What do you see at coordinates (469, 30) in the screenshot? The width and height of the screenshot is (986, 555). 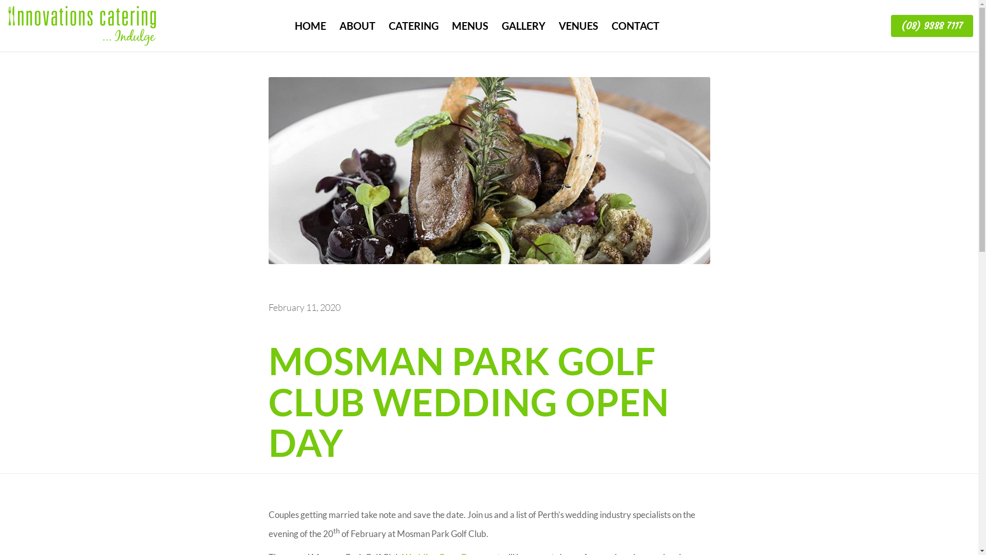 I see `'MENUS'` at bounding box center [469, 30].